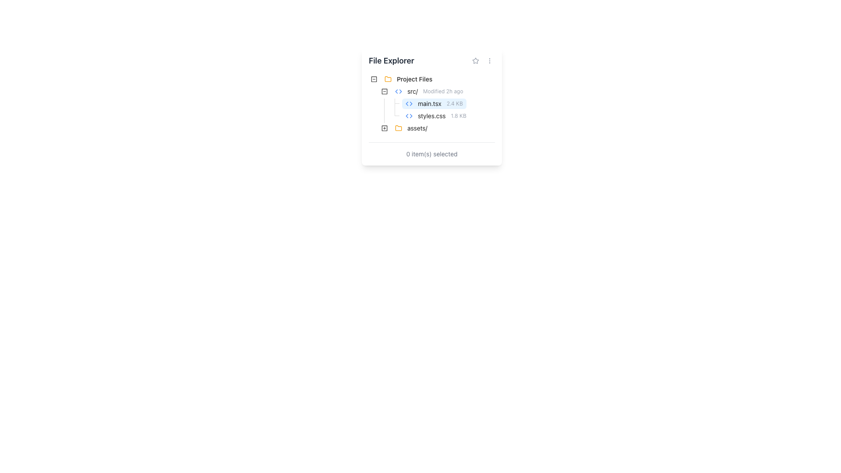 This screenshot has height=473, width=841. Describe the element at coordinates (431, 116) in the screenshot. I see `the text label representing the file 'styles.css' in the file explorer located under the 'src/' folder` at that location.